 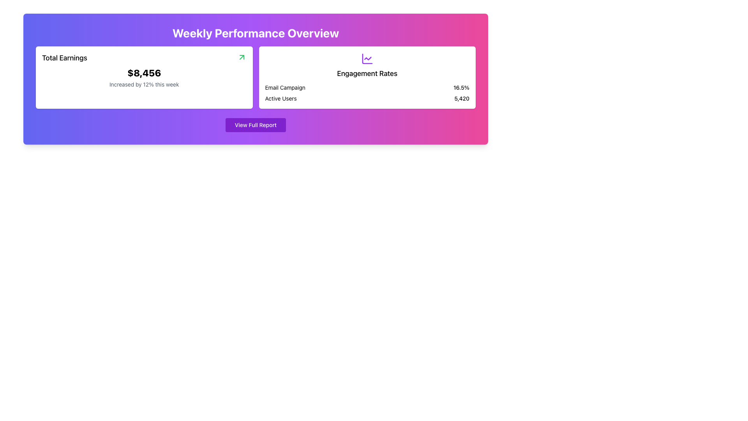 What do you see at coordinates (144, 84) in the screenshot?
I see `the non-interactive text element located beneath the '$8,456' text in the 'Total Earnings' card to enhance the user's understanding of the data presented` at bounding box center [144, 84].